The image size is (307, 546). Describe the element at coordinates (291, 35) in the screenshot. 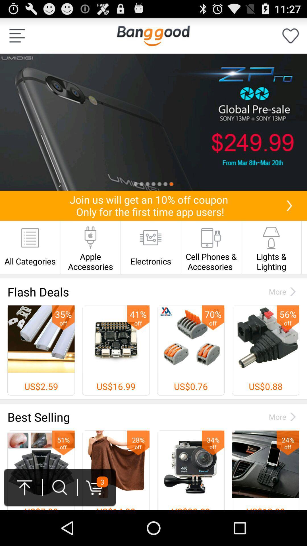

I see `as favorite` at that location.